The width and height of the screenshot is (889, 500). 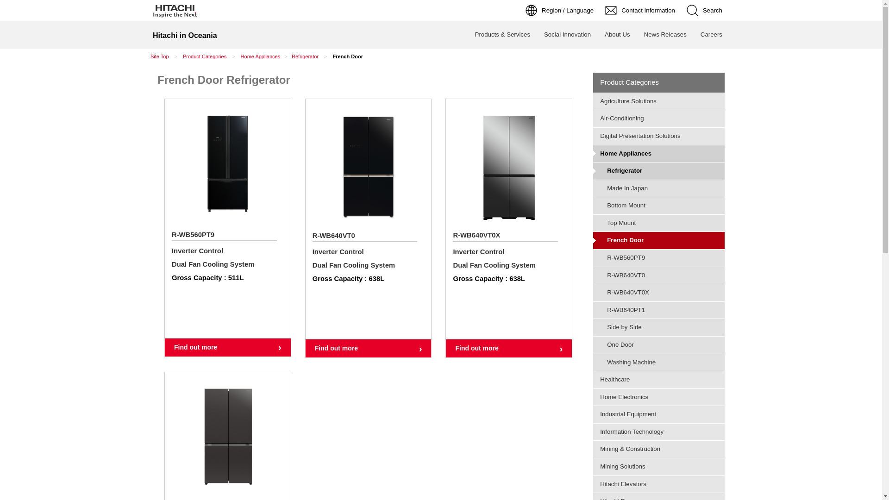 I want to click on 'Social Innovation', so click(x=567, y=34).